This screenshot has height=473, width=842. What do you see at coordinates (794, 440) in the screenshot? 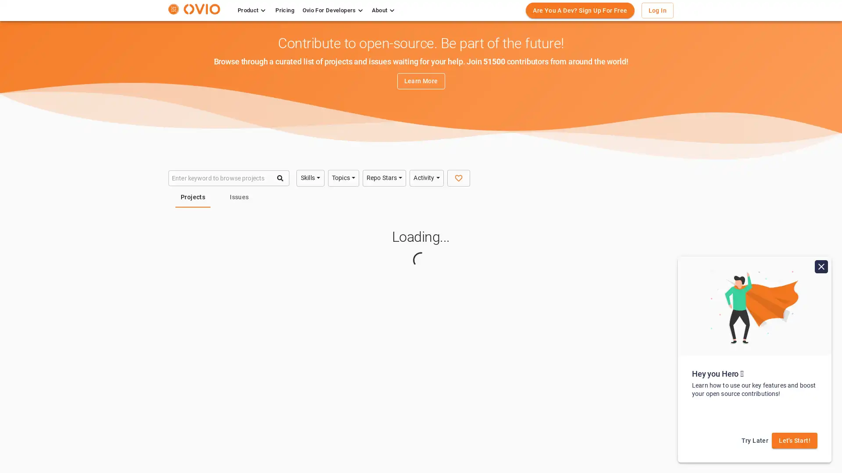
I see `Let's Start!` at bounding box center [794, 440].